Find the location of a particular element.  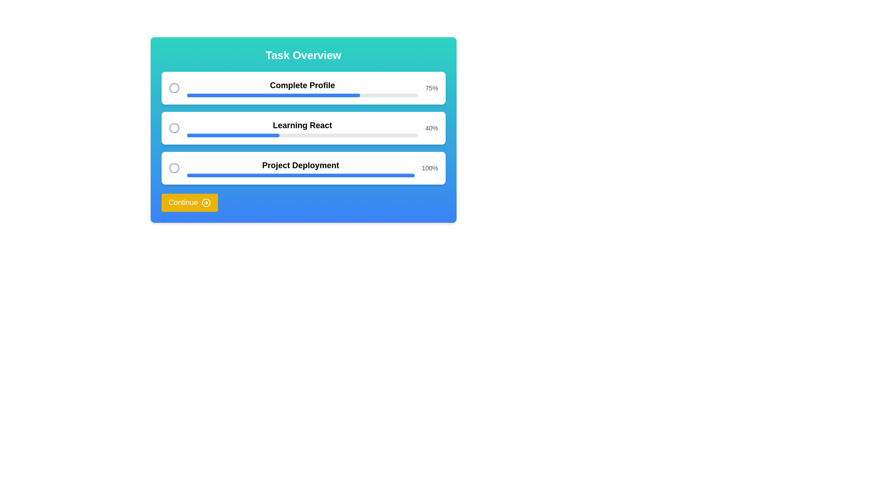

text content of the composite UI element displaying the task name 'Complete Profile' located in the first card of the progress cards is located at coordinates (302, 88).